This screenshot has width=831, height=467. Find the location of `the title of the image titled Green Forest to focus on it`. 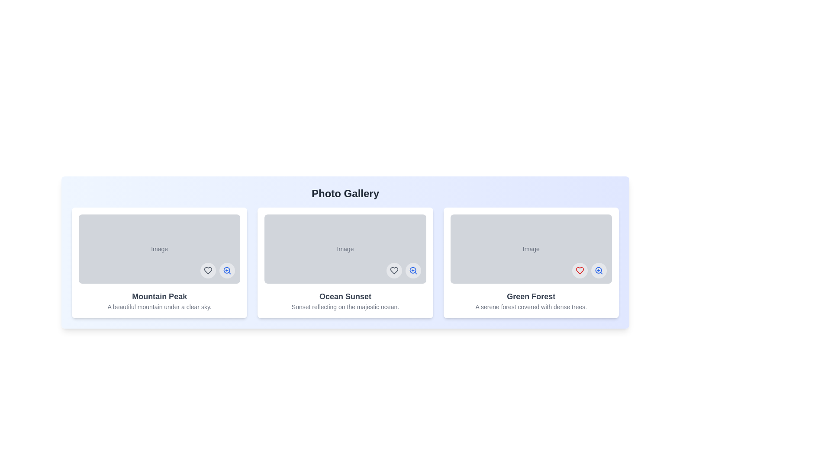

the title of the image titled Green Forest to focus on it is located at coordinates (531, 296).